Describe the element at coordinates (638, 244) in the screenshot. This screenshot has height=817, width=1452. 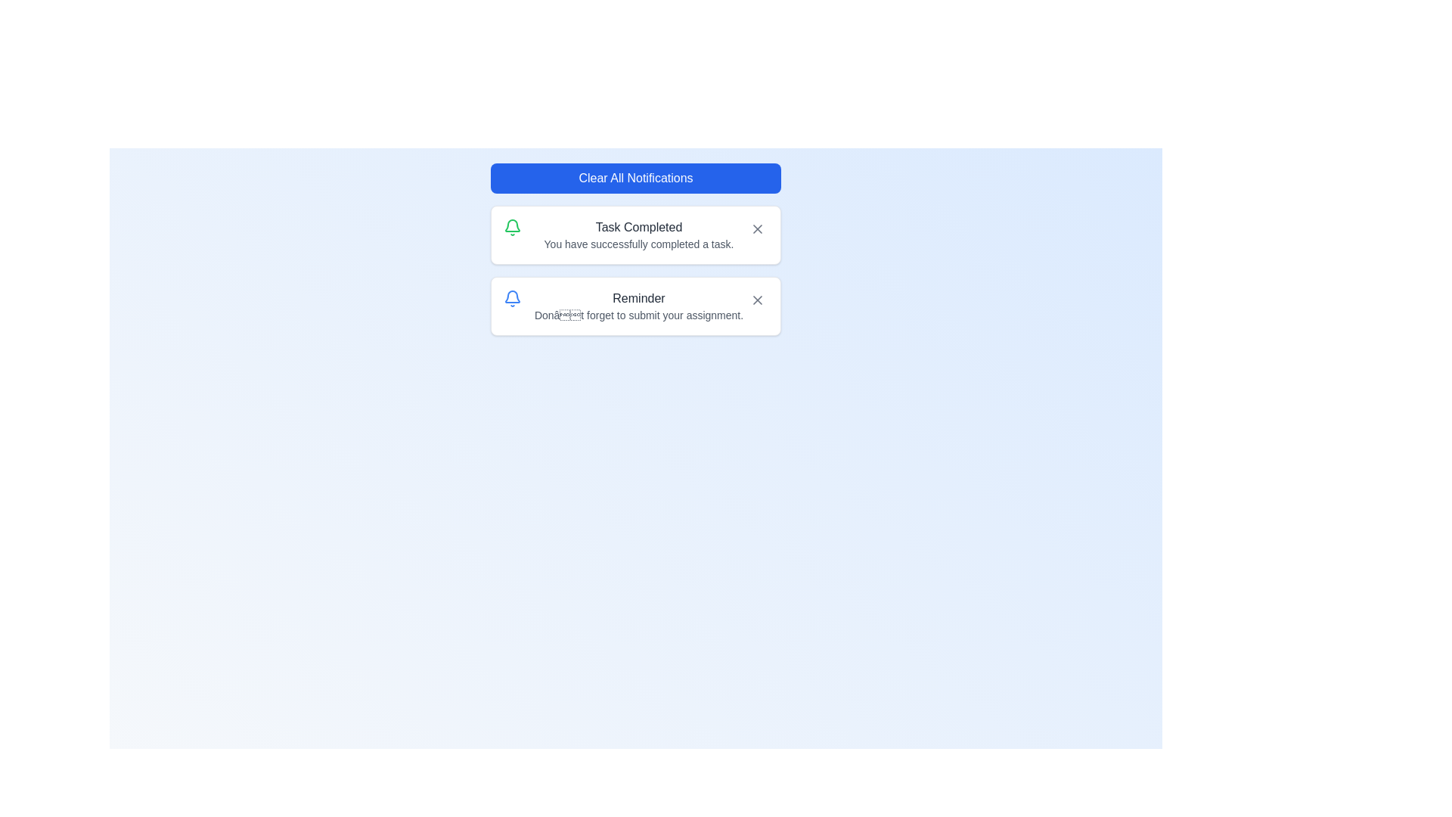
I see `the static text element that confirms the successful completion of a task, located below 'Task Completed' in the notification component` at that location.